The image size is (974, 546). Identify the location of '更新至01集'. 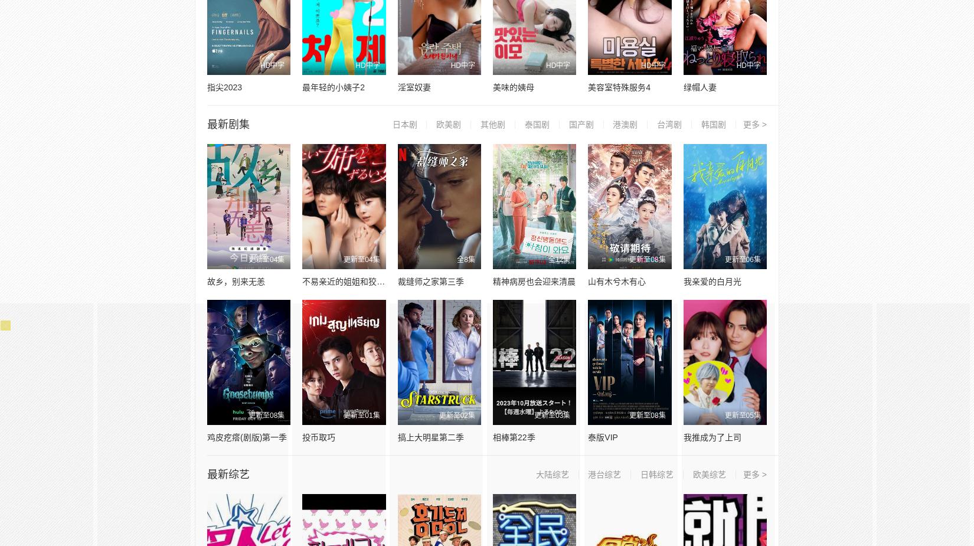
(361, 415).